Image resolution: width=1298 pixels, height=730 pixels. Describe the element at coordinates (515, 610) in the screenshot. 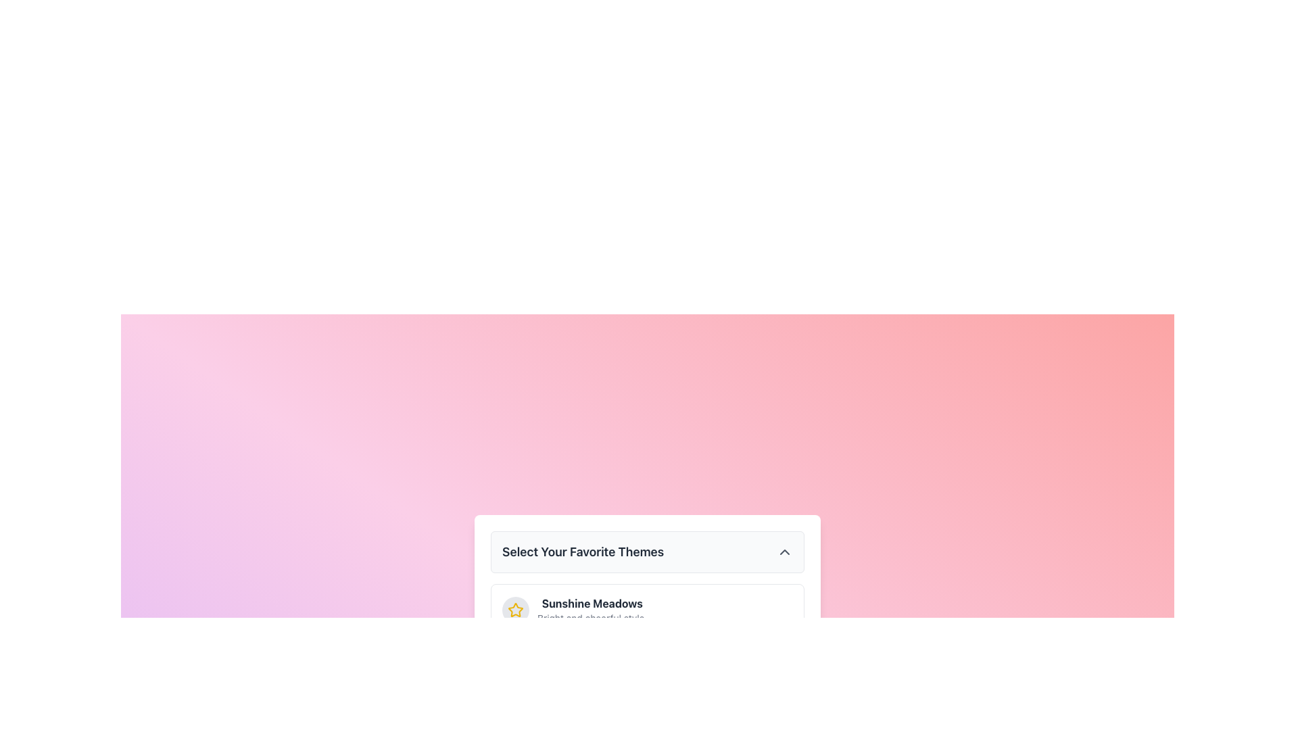

I see `the star icon located on the left-hand side of the description 'Sunshine Meadows'` at that location.